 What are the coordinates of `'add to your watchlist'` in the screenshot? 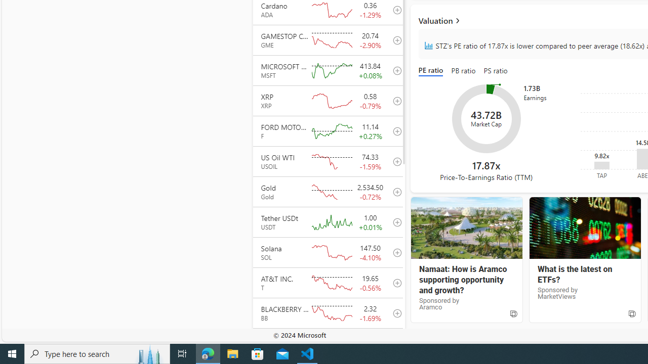 It's located at (394, 343).